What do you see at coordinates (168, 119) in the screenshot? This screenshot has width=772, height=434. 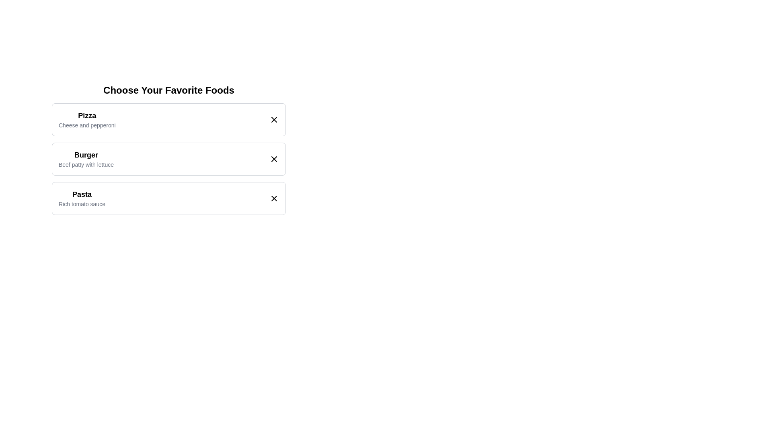 I see `the interactive list item representing 'Pizza - Cheese and pepperoni'` at bounding box center [168, 119].